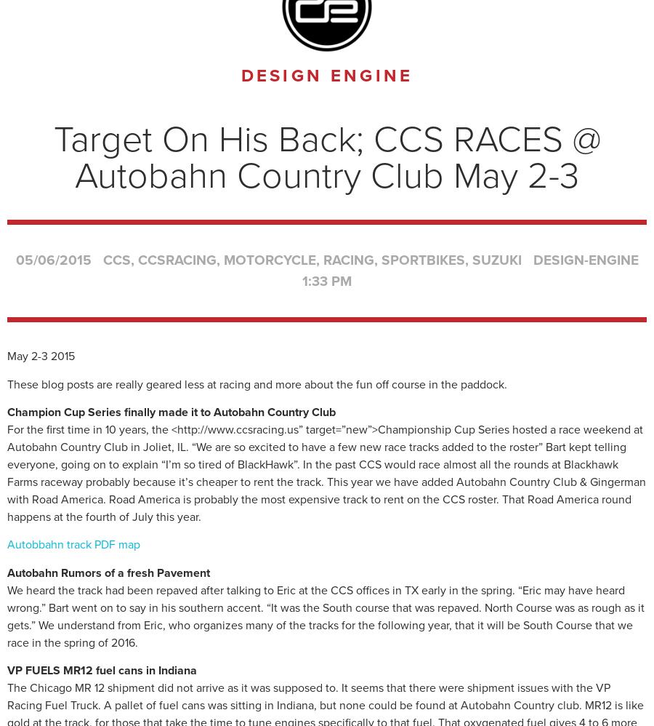 This screenshot has height=726, width=654. What do you see at coordinates (6, 544) in the screenshot?
I see `'Autobbahn track PDF map'` at bounding box center [6, 544].